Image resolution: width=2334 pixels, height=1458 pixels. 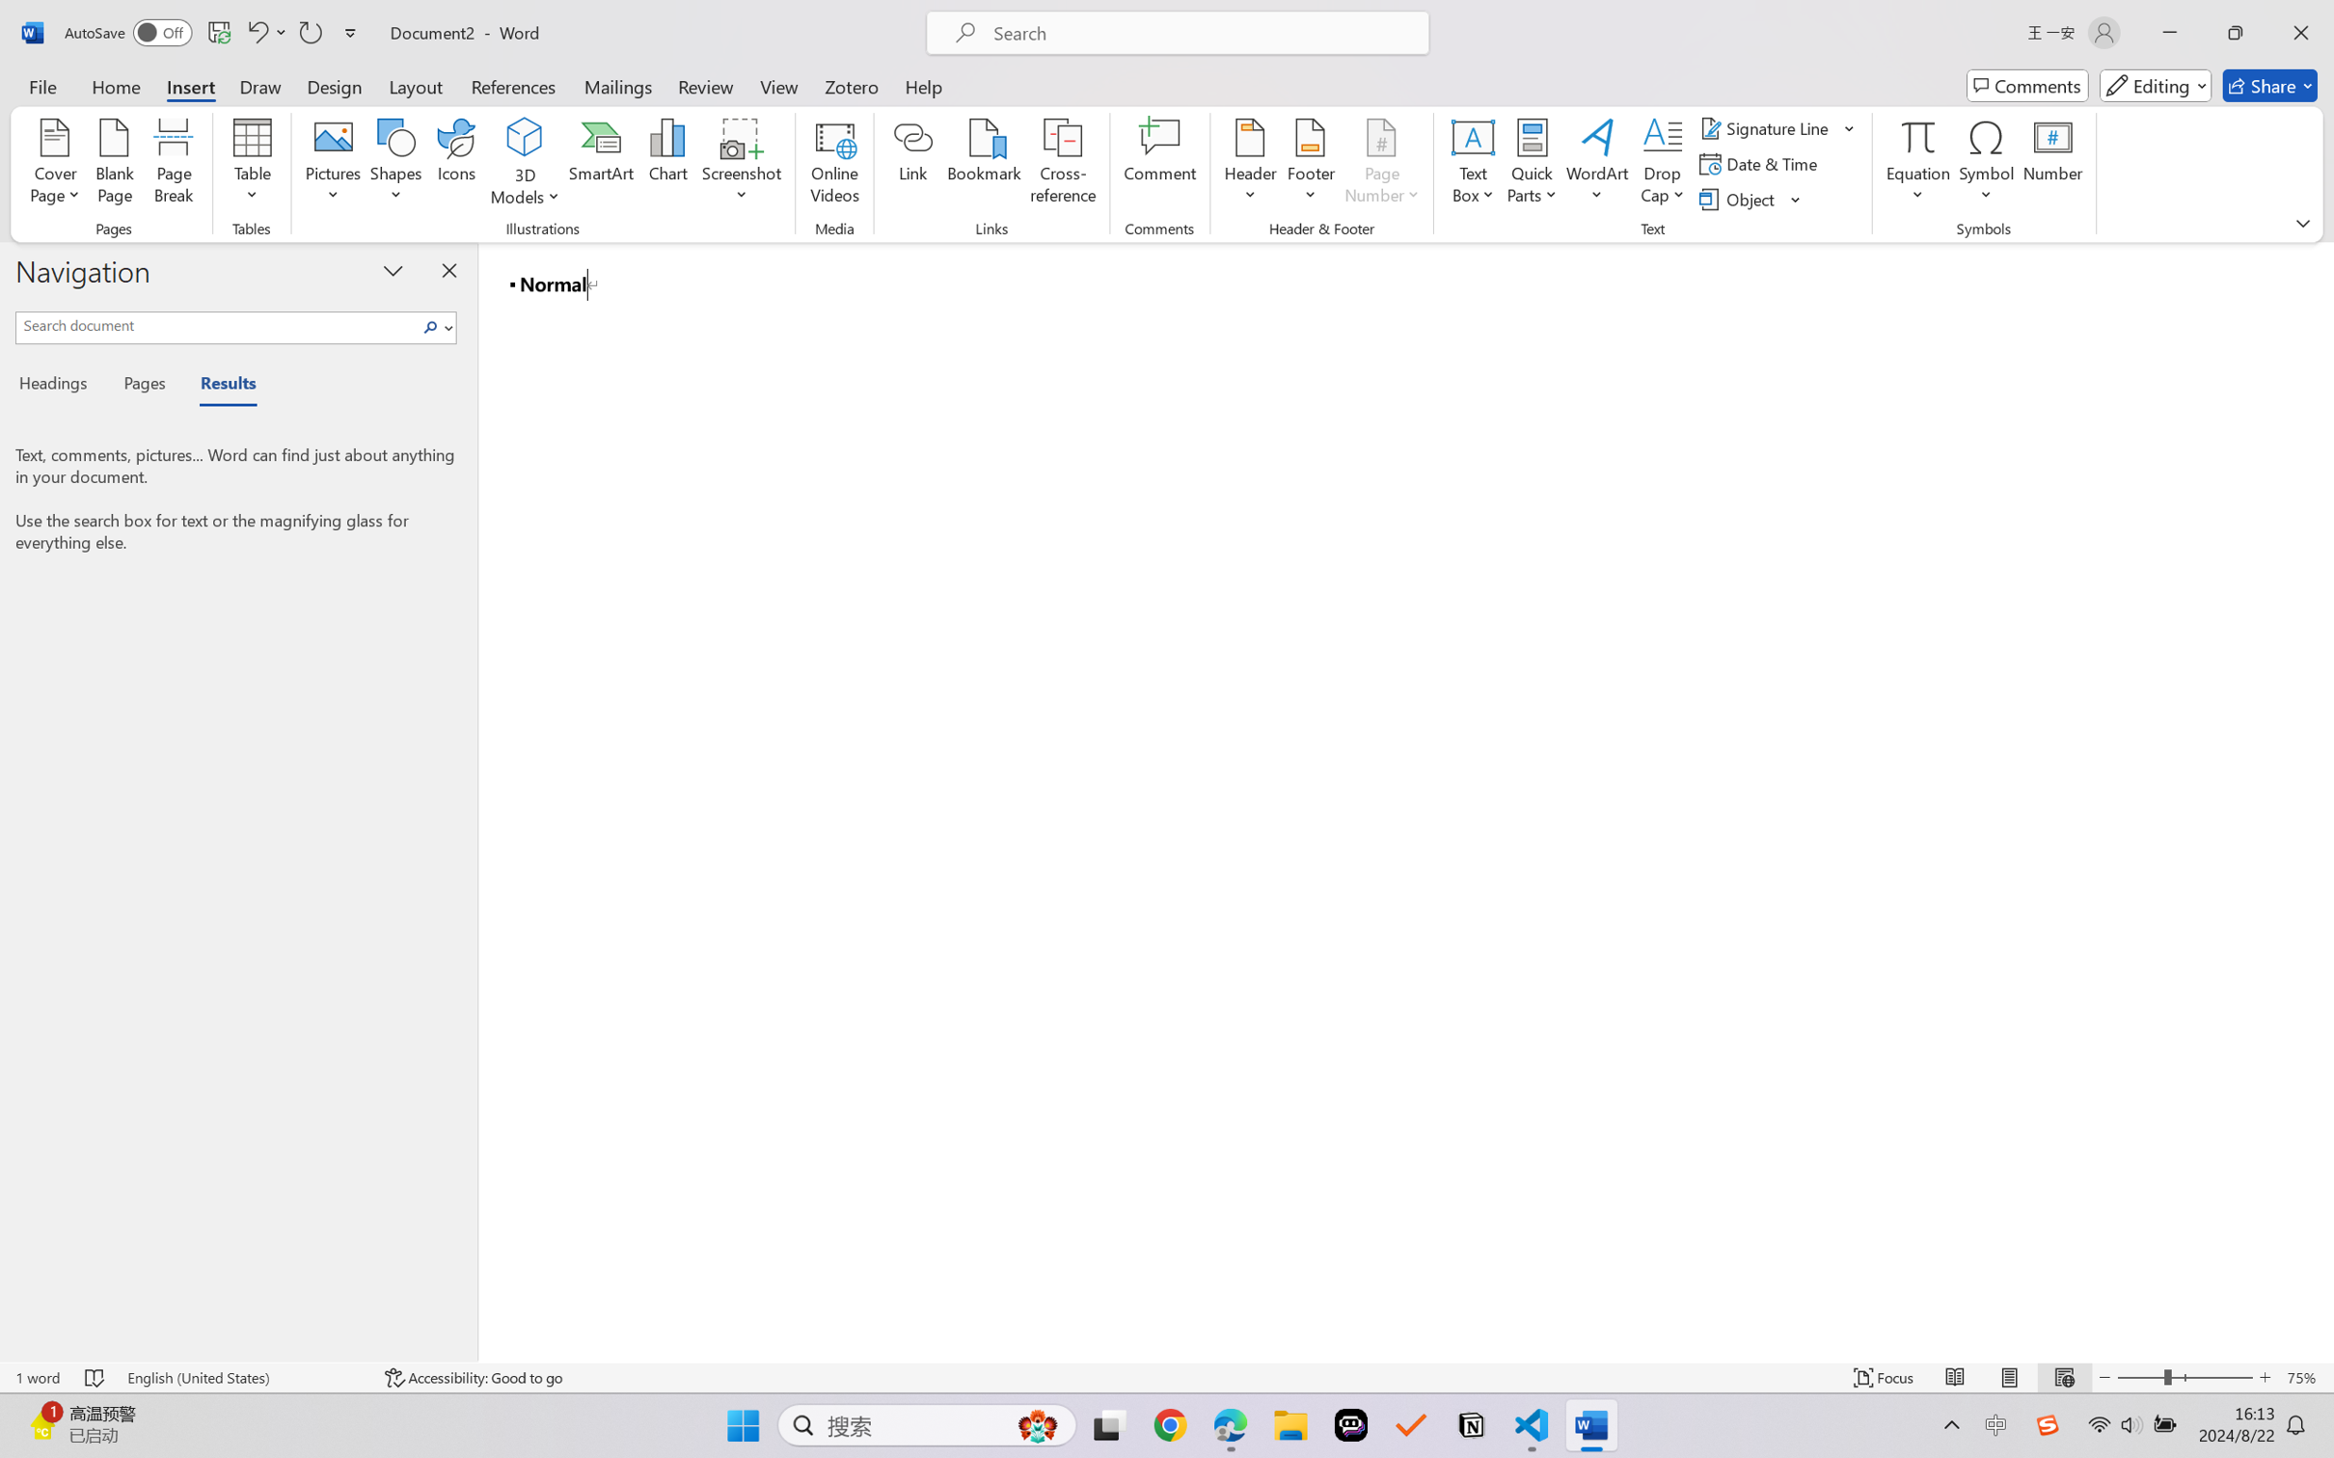 What do you see at coordinates (2053, 164) in the screenshot?
I see `'Number...'` at bounding box center [2053, 164].